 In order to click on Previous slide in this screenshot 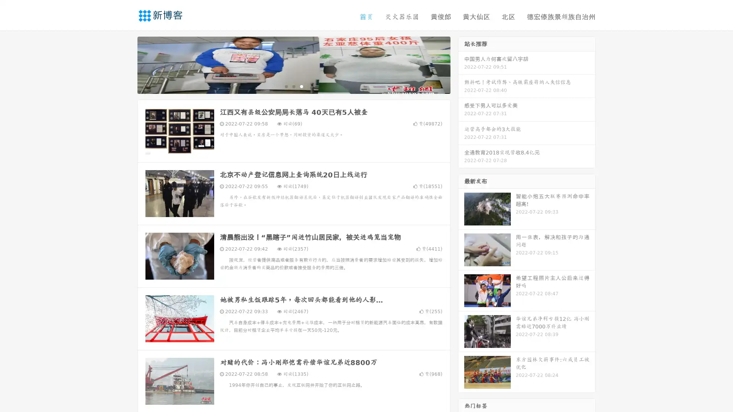, I will do `click(126, 64)`.